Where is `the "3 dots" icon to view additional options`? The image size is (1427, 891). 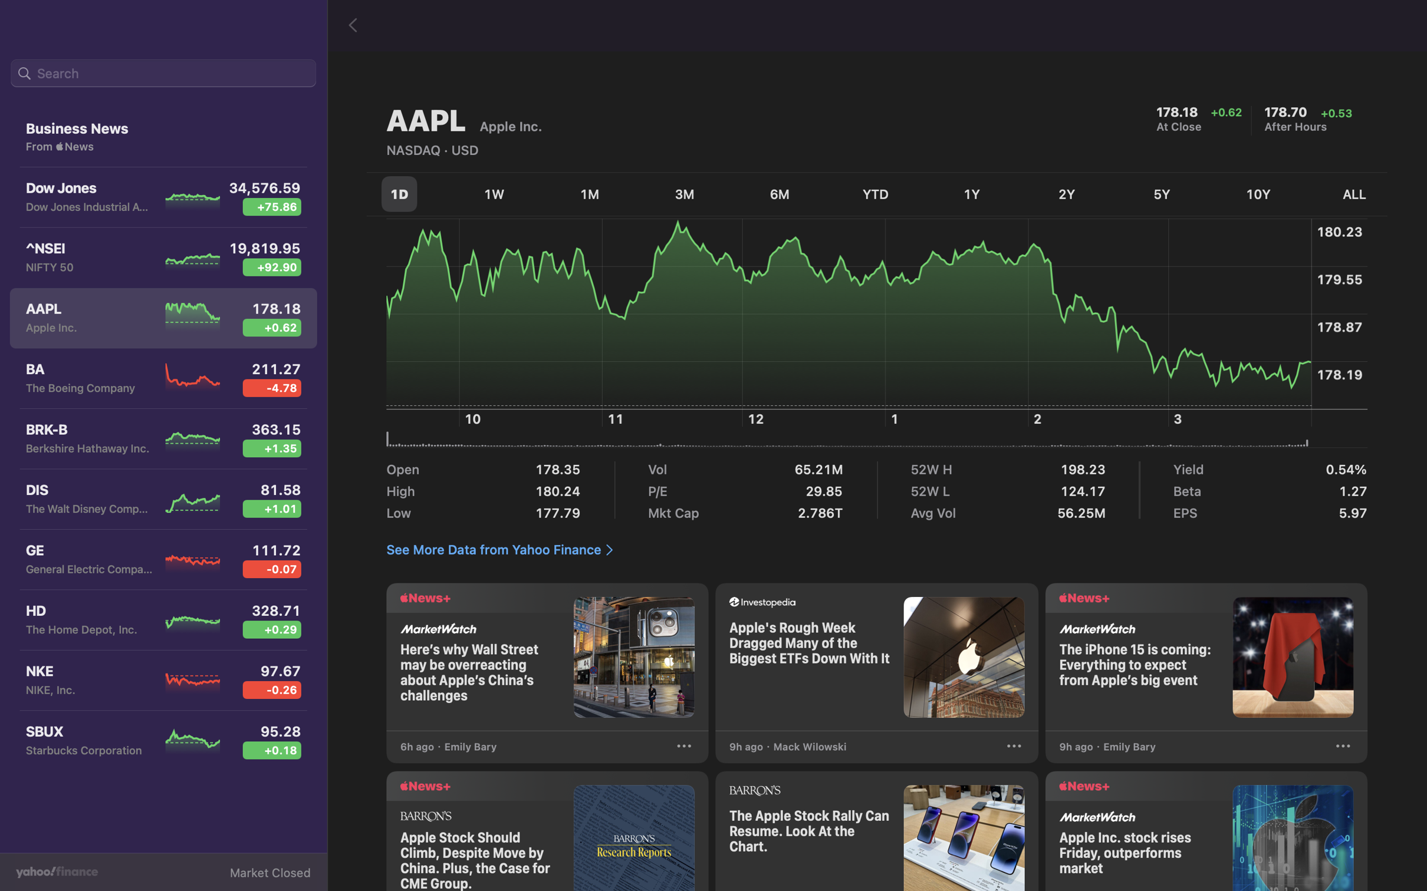 the "3 dots" icon to view additional options is located at coordinates (1342, 748).